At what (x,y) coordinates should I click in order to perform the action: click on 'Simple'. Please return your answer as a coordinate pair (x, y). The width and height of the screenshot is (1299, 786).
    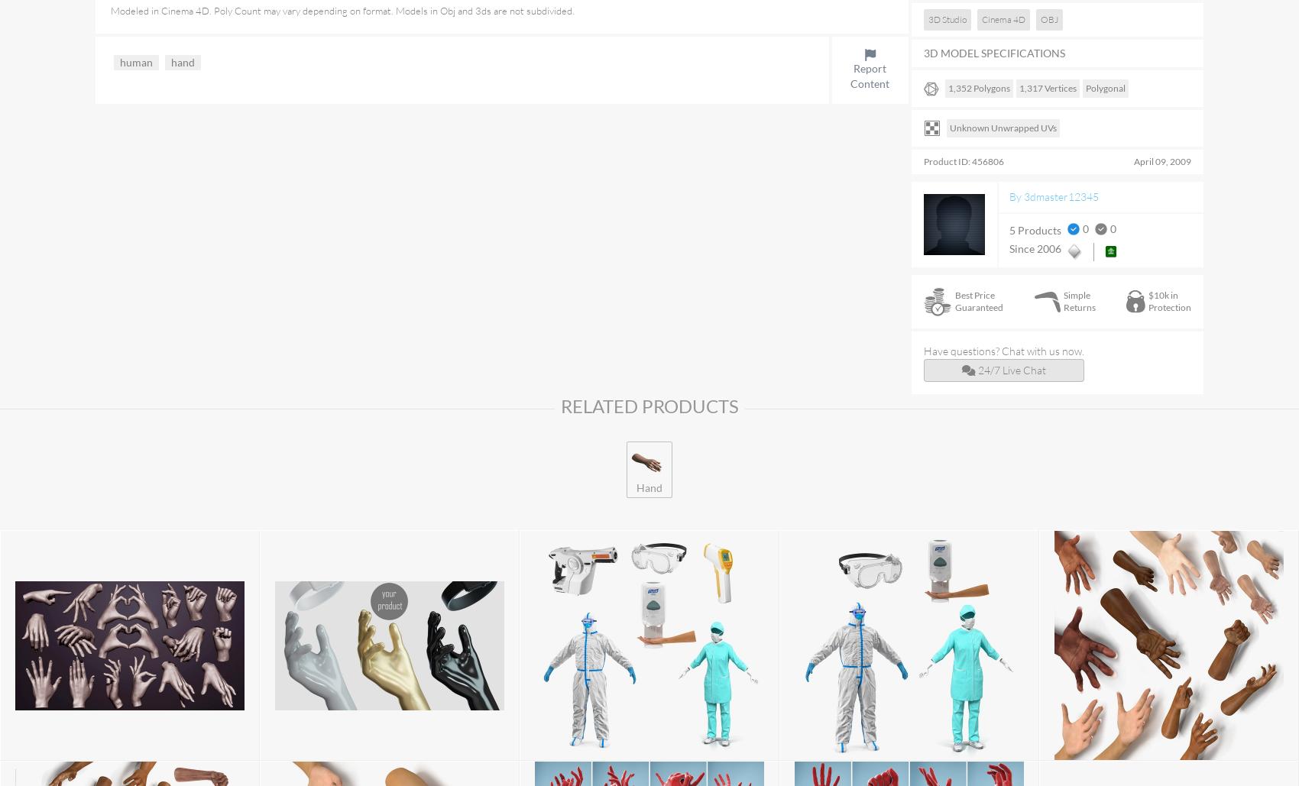
    Looking at the image, I should click on (1075, 294).